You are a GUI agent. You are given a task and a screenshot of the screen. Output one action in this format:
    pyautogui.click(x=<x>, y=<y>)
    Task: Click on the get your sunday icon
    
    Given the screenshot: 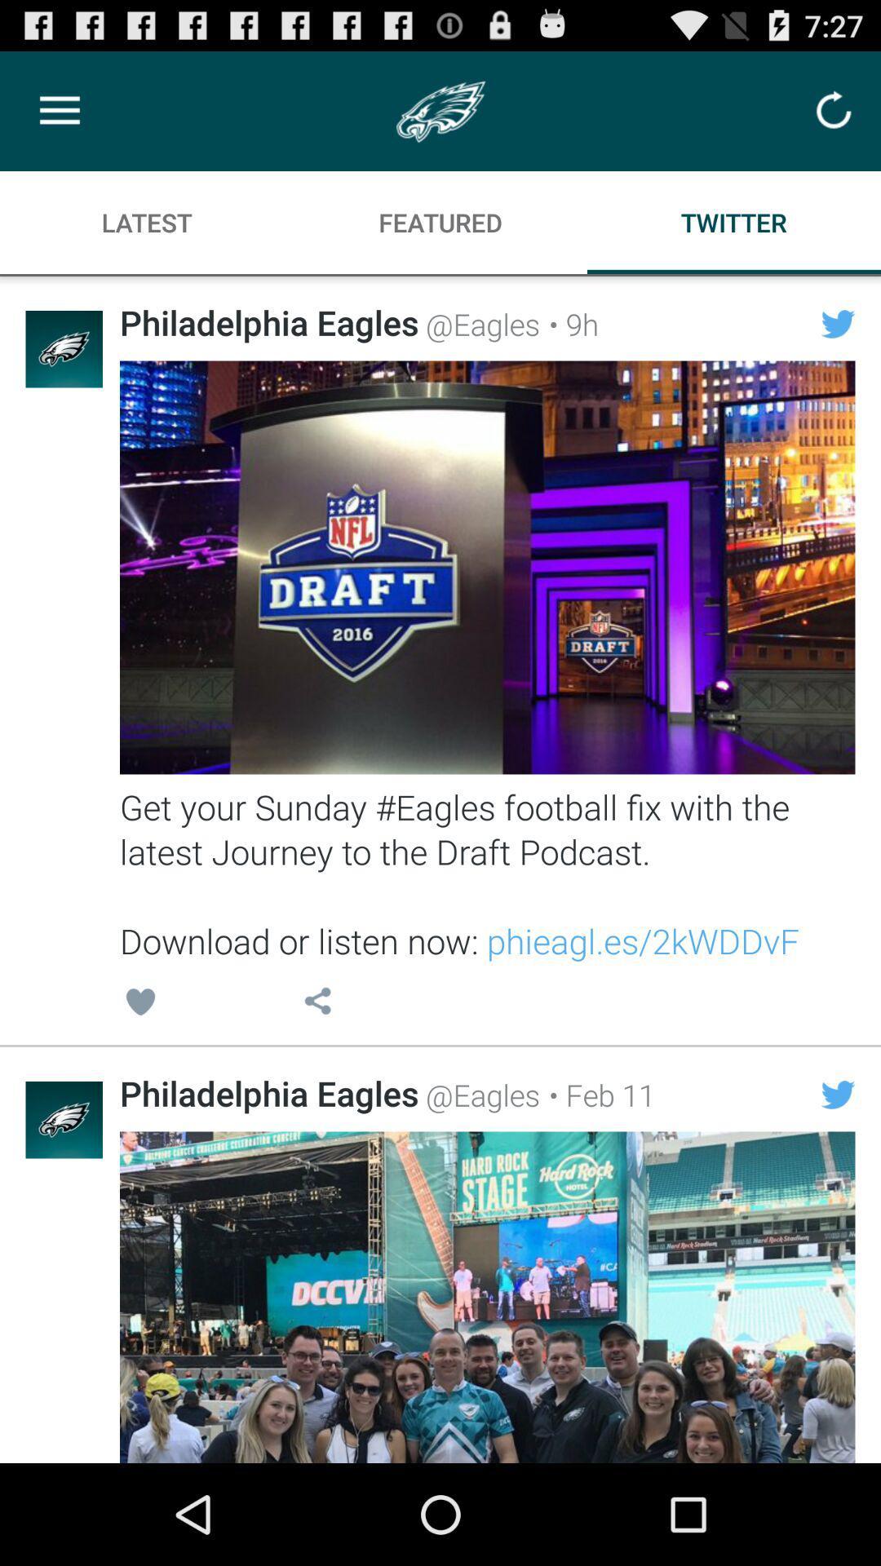 What is the action you would take?
    pyautogui.click(x=486, y=873)
    